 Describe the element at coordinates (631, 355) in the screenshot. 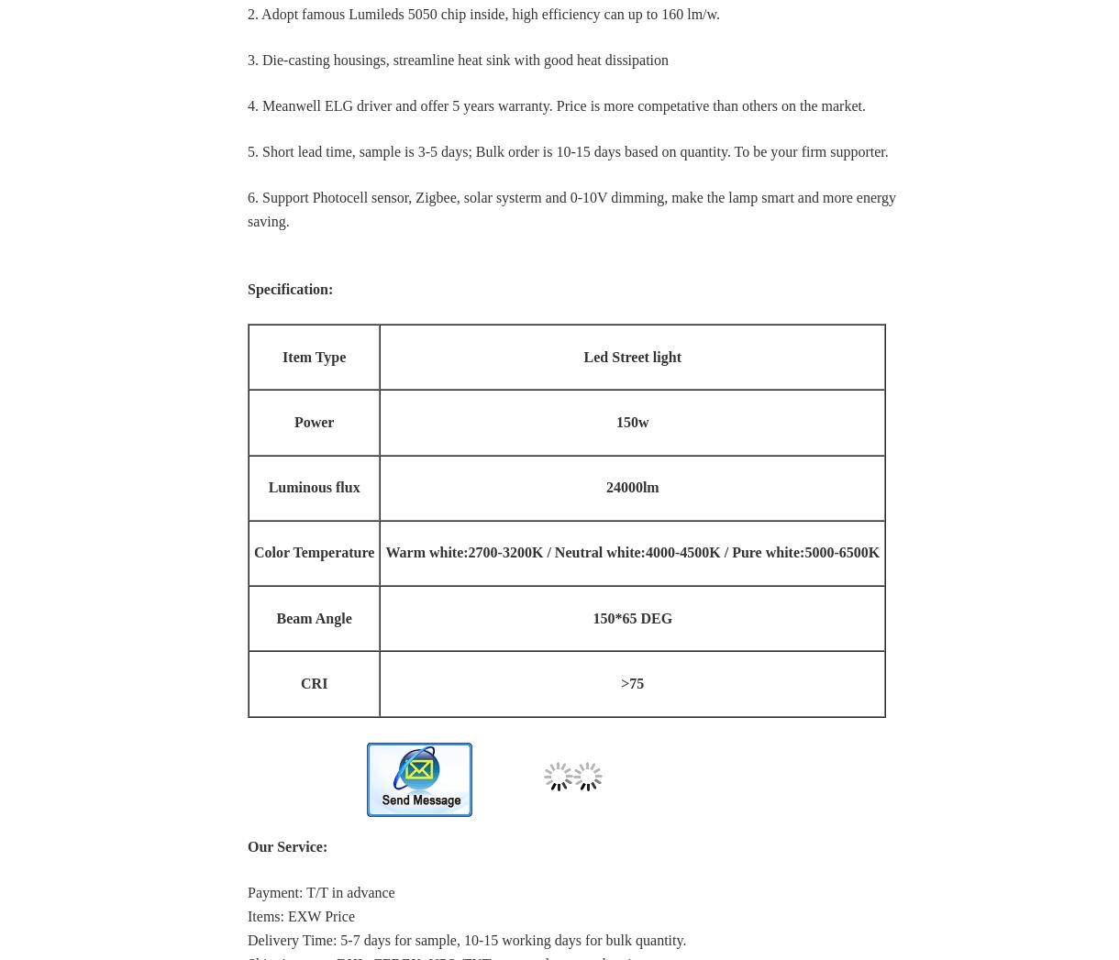

I see `'Led Street light'` at that location.